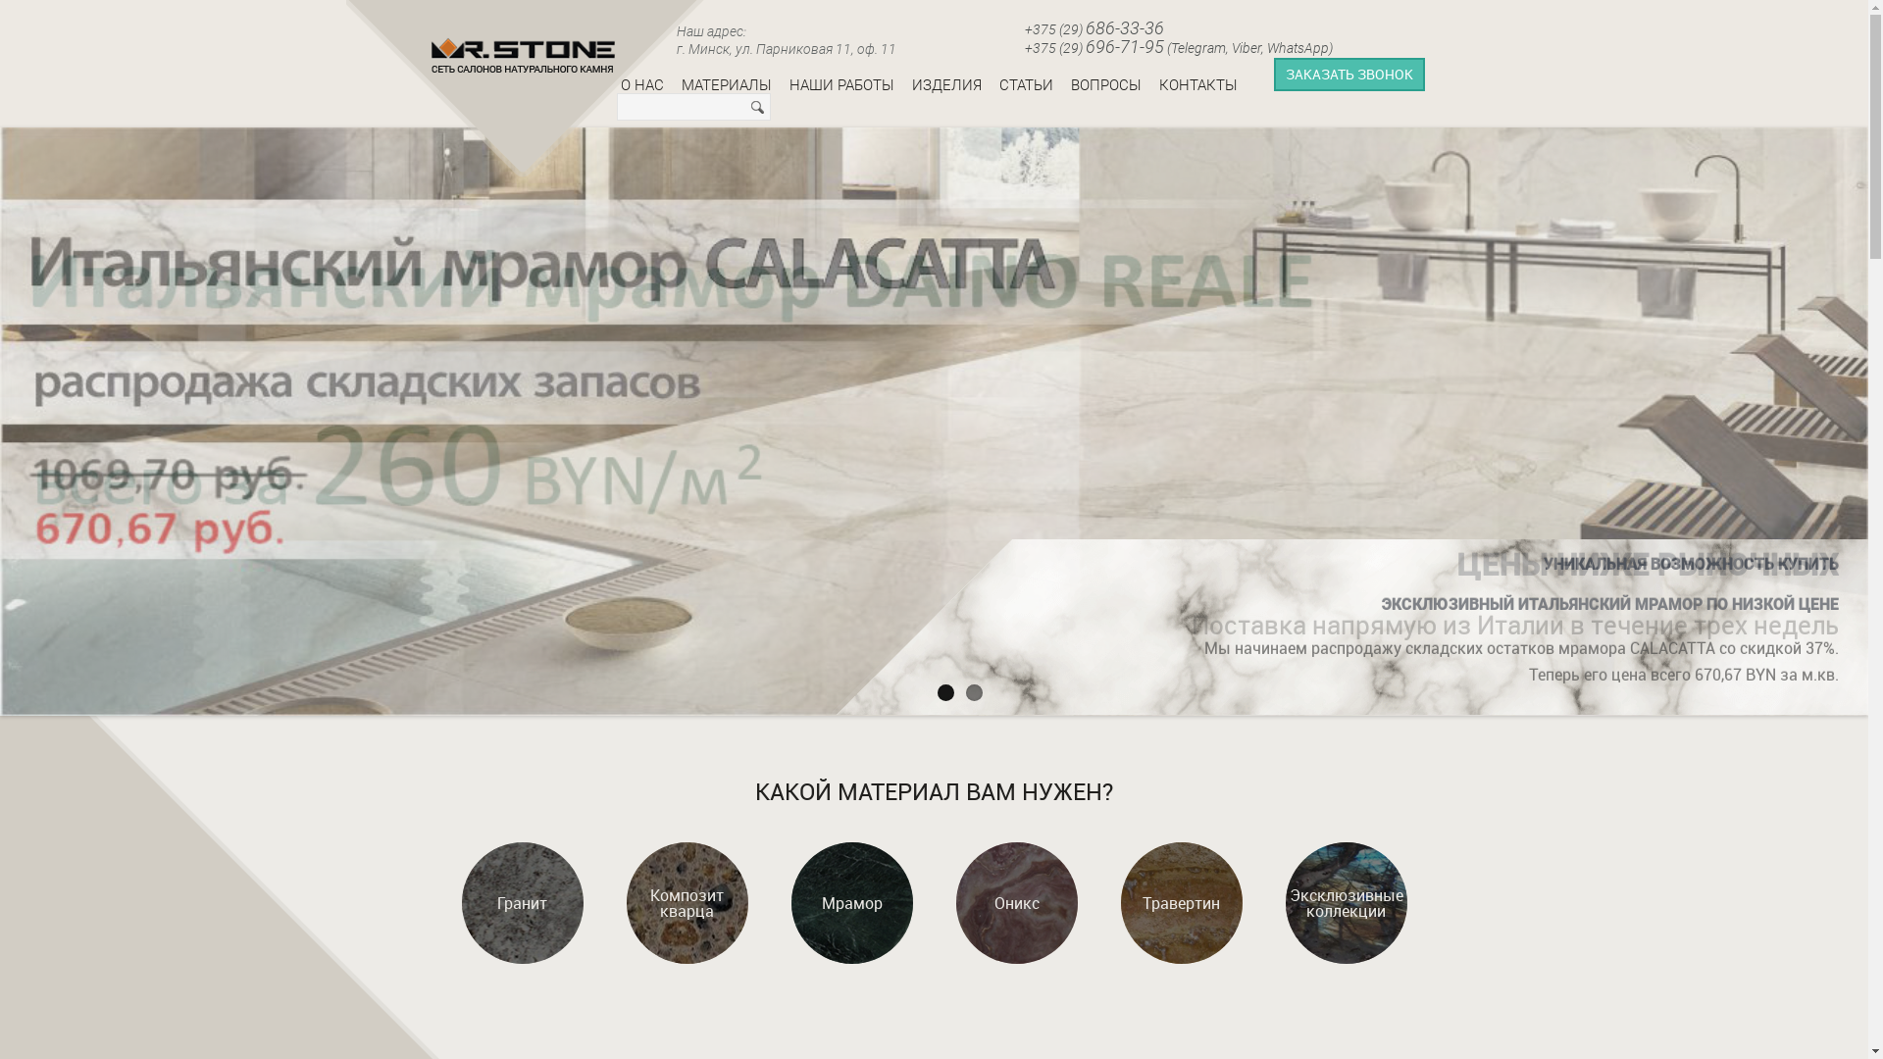  I want to click on '2', so click(965, 691).